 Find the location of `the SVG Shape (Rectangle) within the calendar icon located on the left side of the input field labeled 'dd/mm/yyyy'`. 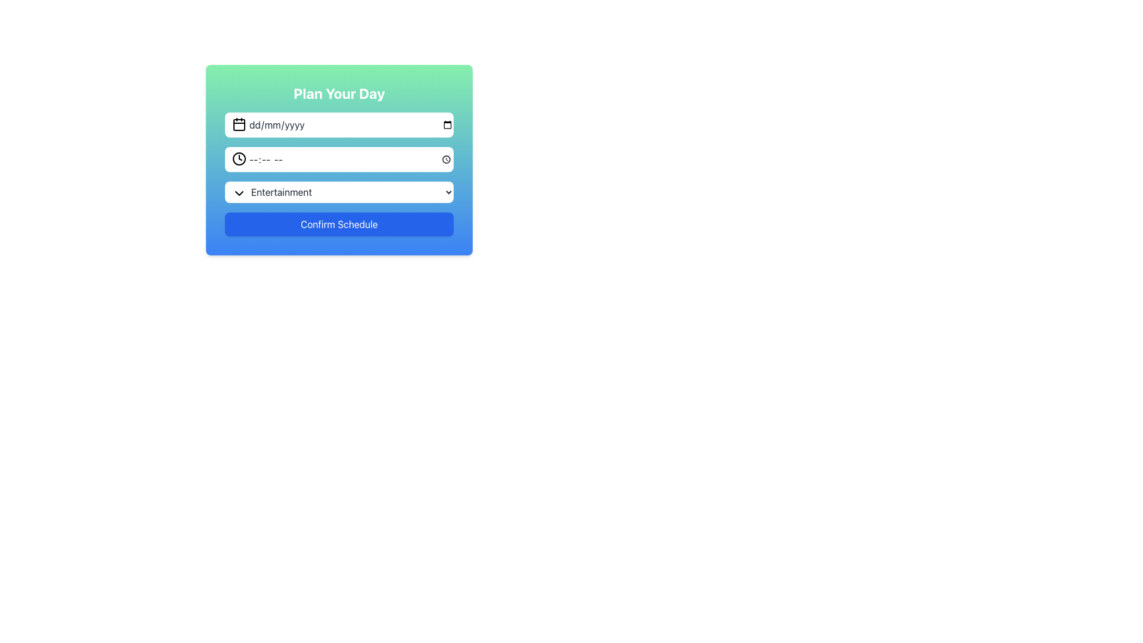

the SVG Shape (Rectangle) within the calendar icon located on the left side of the input field labeled 'dd/mm/yyyy' is located at coordinates (239, 124).